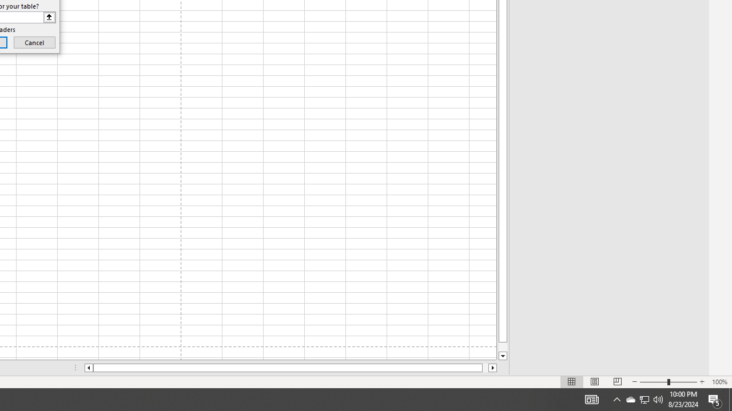 Image resolution: width=732 pixels, height=411 pixels. What do you see at coordinates (654, 382) in the screenshot?
I see `'Zoom Out'` at bounding box center [654, 382].